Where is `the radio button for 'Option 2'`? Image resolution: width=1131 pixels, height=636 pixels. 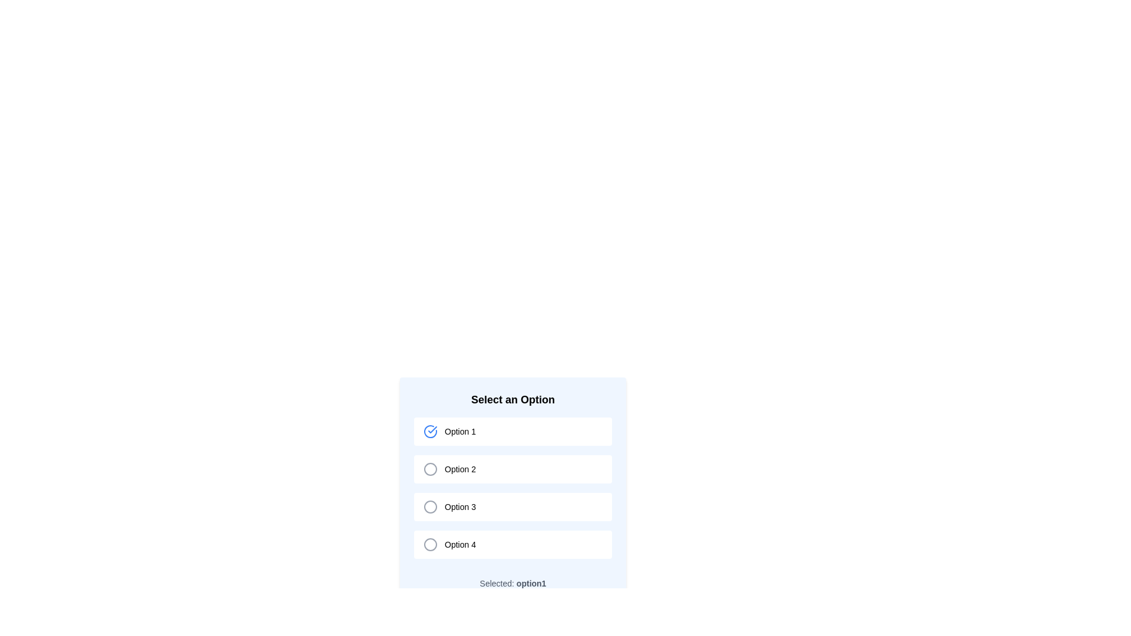
the radio button for 'Option 2' is located at coordinates (429, 469).